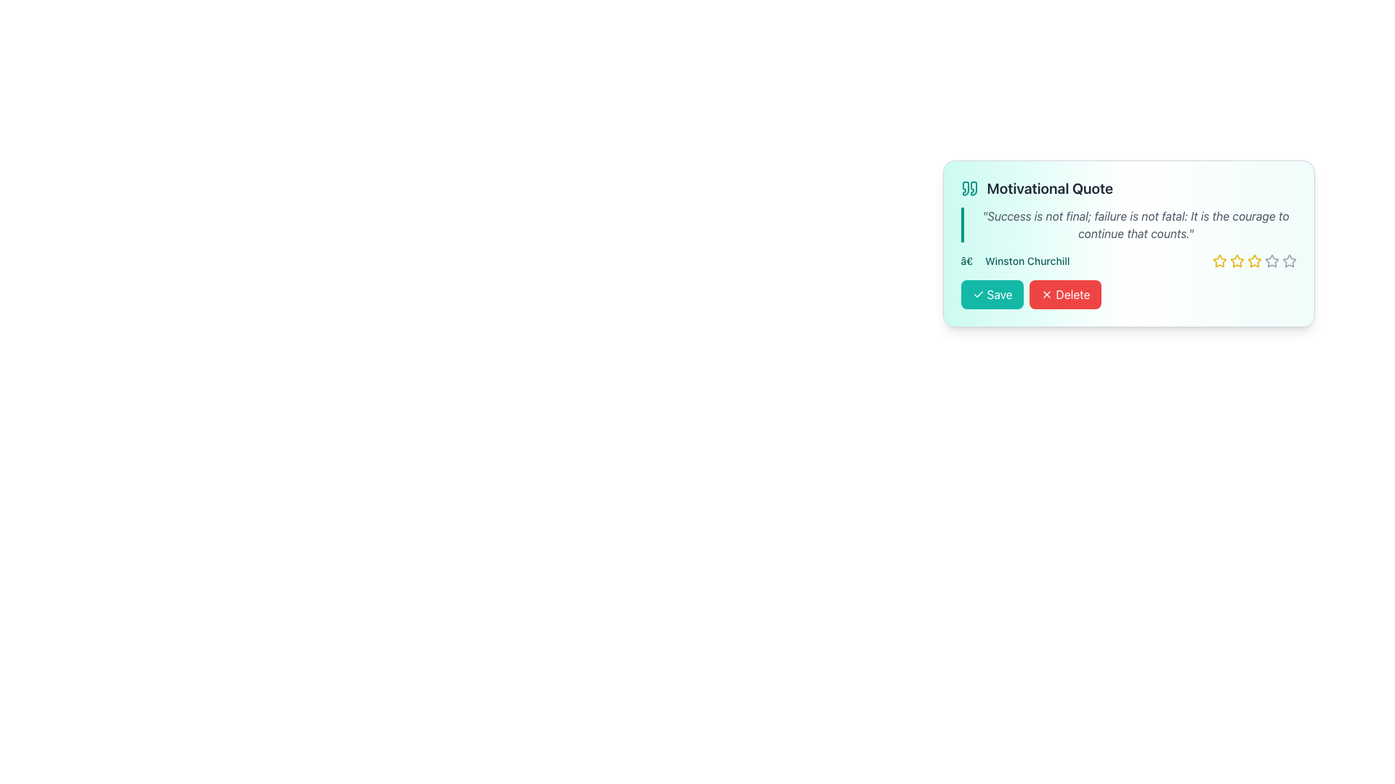 The width and height of the screenshot is (1395, 784). I want to click on the fourth golden star icon in the rating group, so click(1253, 260).